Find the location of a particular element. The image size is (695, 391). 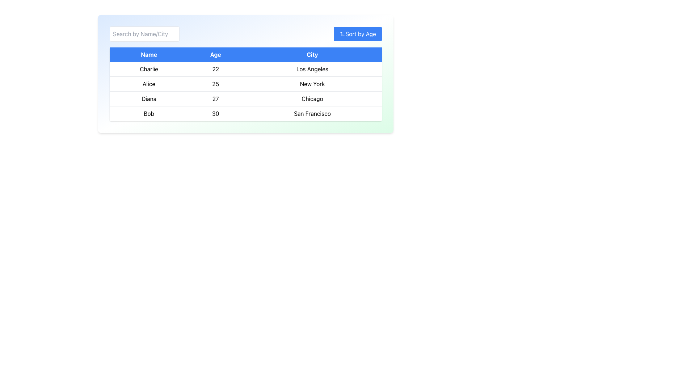

the text 'Alice' located in the first cell of the second row under the 'Name' column in a table is located at coordinates (148, 83).